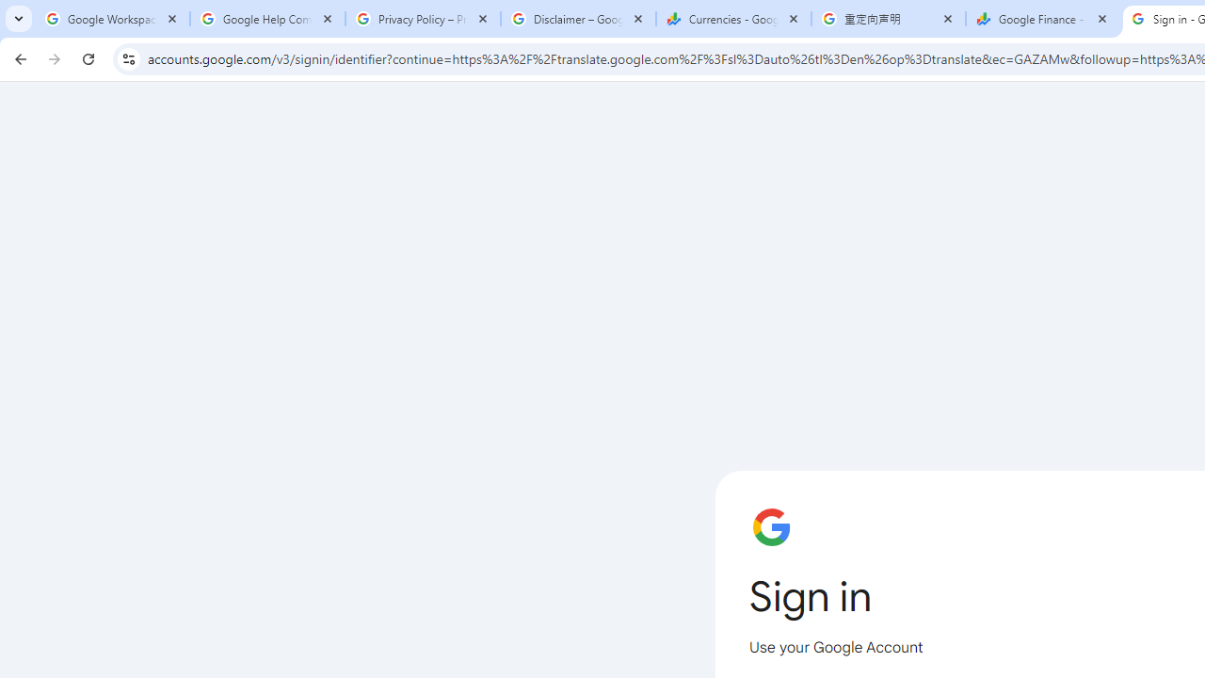 The width and height of the screenshot is (1205, 678). What do you see at coordinates (111, 19) in the screenshot?
I see `'Google Workspace Admin Community'` at bounding box center [111, 19].